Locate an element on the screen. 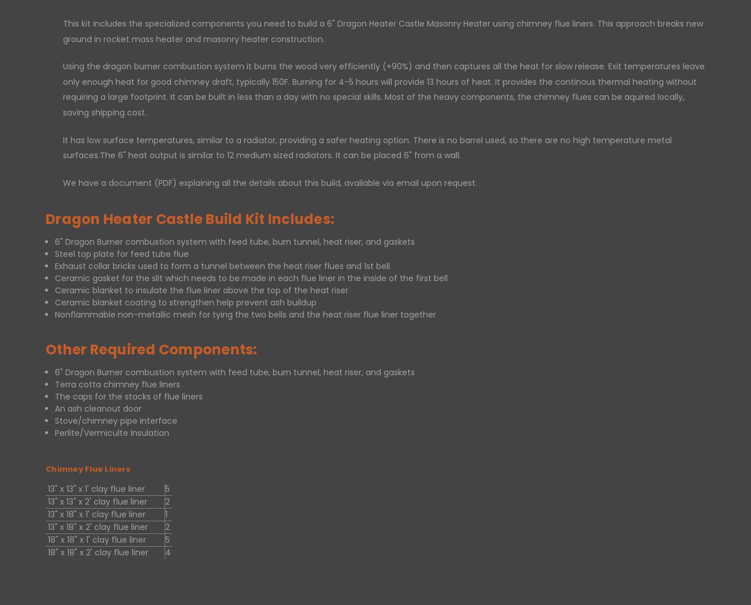  '281 292 2177' is located at coordinates (375, 466).